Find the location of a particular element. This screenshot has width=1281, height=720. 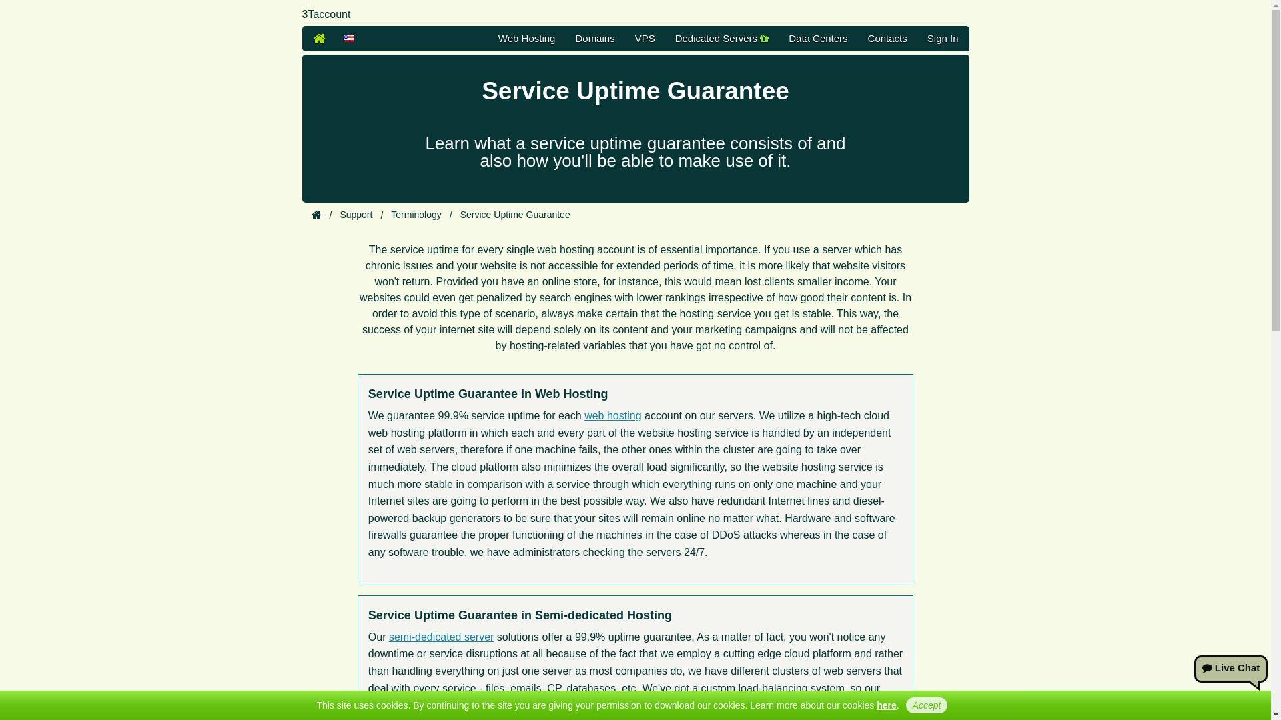

'Dedicated Servers' is located at coordinates (721, 37).